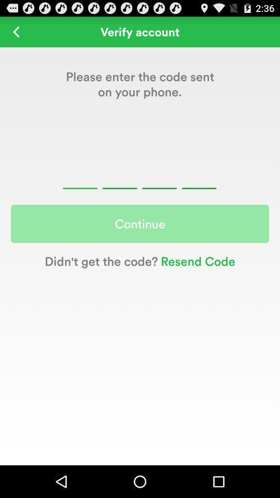  What do you see at coordinates (197, 260) in the screenshot?
I see `resend code icon` at bounding box center [197, 260].